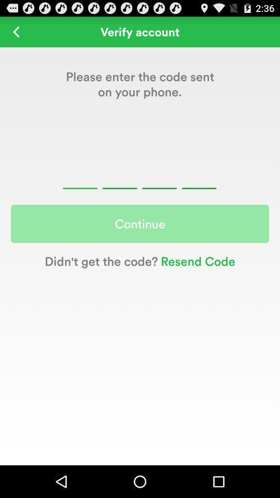  What do you see at coordinates (197, 260) in the screenshot?
I see `resend code icon` at bounding box center [197, 260].